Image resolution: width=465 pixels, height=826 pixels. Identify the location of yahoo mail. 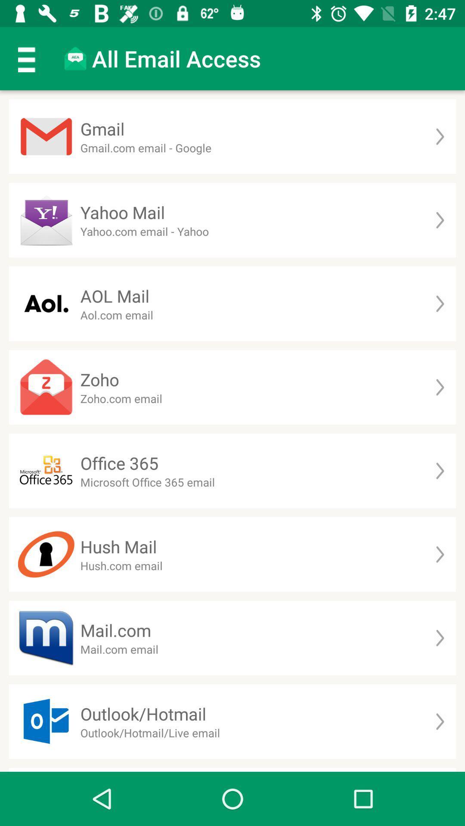
(123, 212).